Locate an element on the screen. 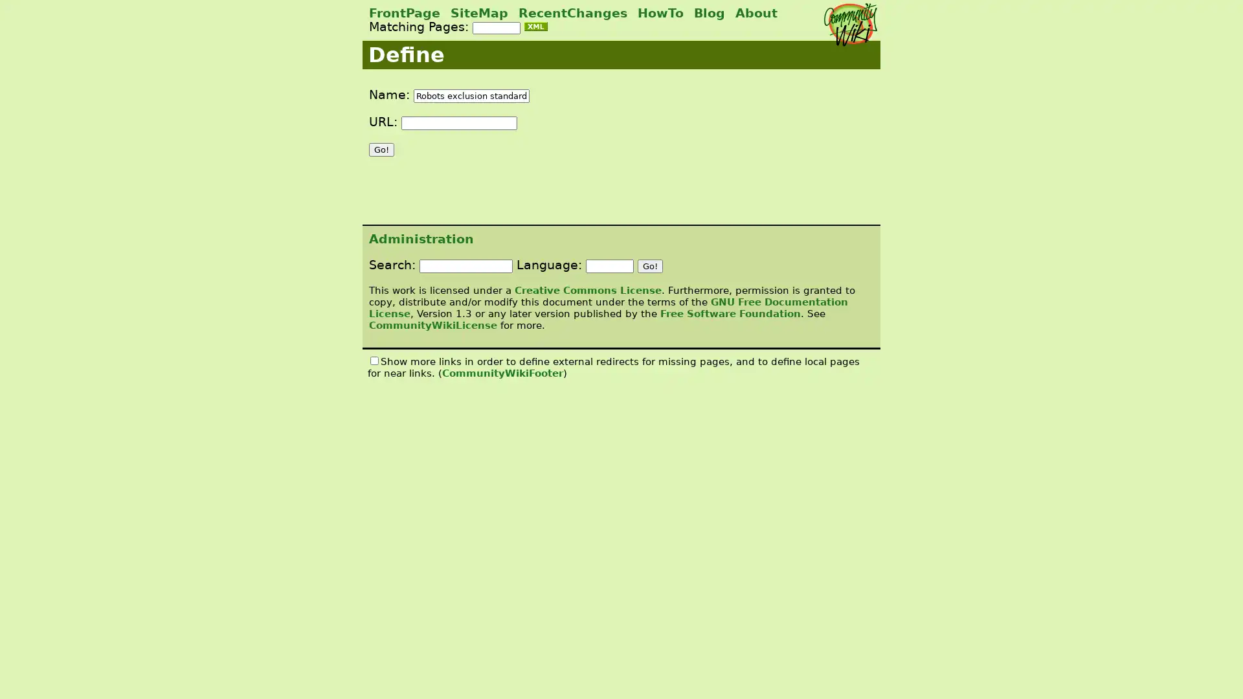  Go! is located at coordinates (381, 149).